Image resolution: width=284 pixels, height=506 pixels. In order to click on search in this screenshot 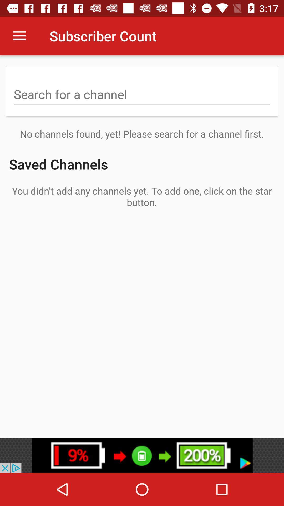, I will do `click(142, 95)`.